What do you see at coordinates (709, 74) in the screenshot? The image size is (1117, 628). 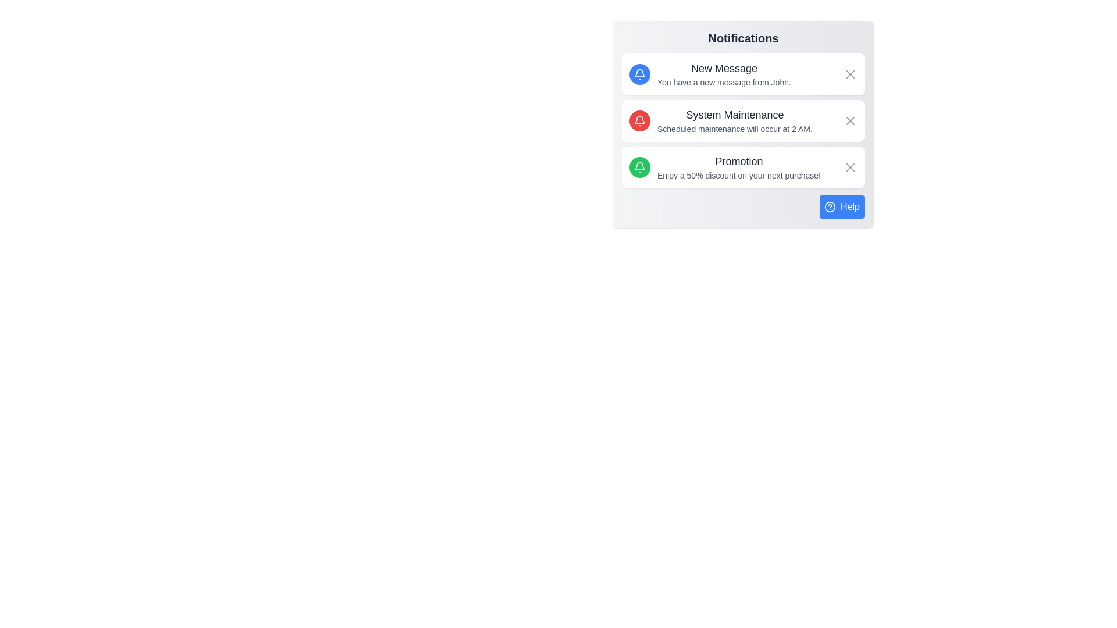 I see `the first notification item in the notification list` at bounding box center [709, 74].